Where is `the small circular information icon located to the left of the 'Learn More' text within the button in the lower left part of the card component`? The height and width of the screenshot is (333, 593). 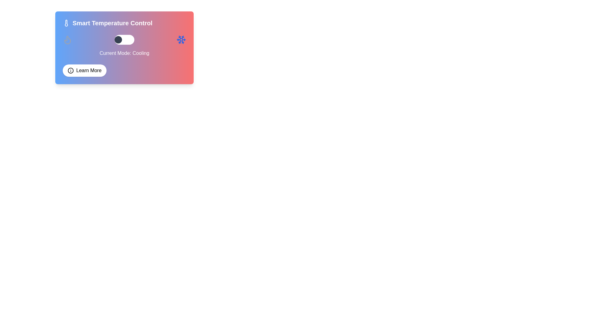
the small circular information icon located to the left of the 'Learn More' text within the button in the lower left part of the card component is located at coordinates (71, 70).